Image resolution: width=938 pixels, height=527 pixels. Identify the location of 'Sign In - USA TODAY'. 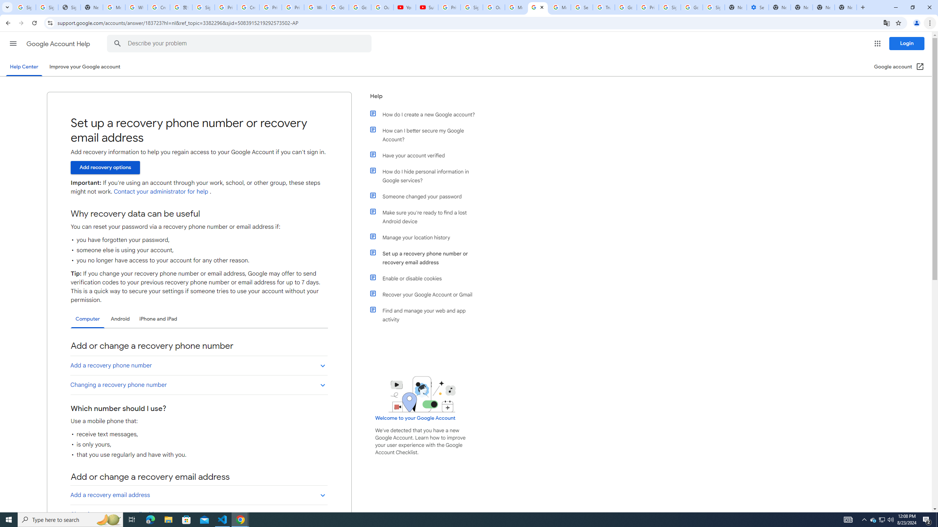
(69, 7).